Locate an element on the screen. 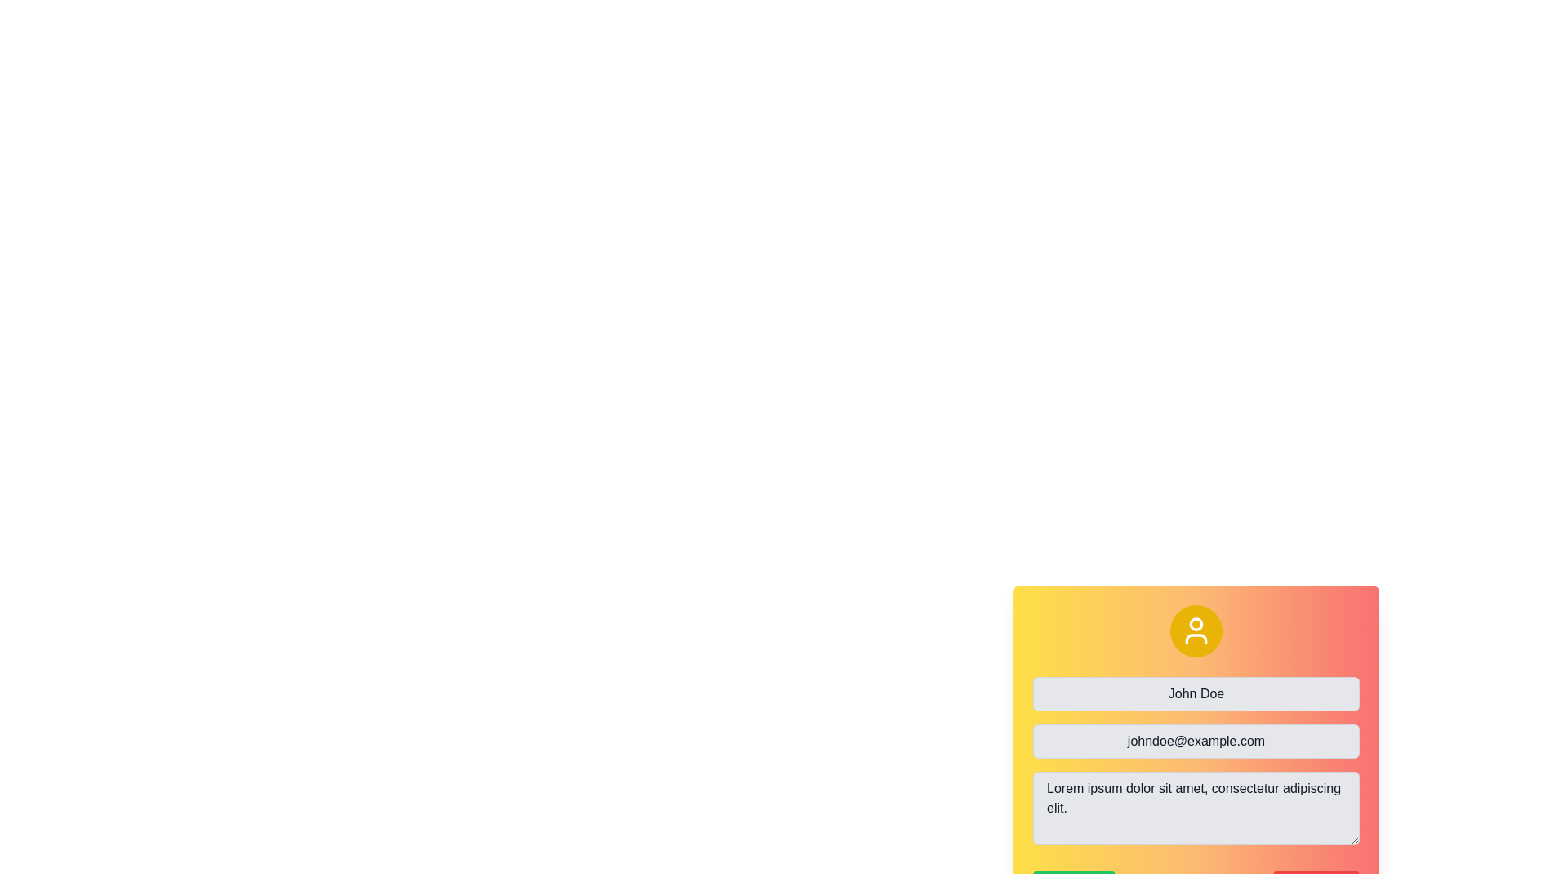  the email input field styled with a light gray background and rounded border, containing the email value 'johndoe@example.com' is located at coordinates (1196, 741).